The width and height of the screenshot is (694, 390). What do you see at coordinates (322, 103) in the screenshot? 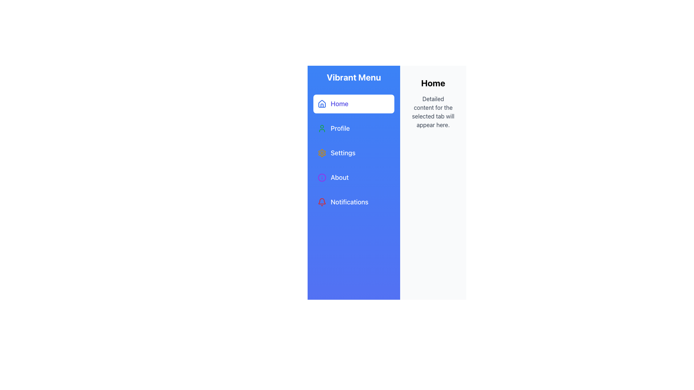
I see `the blue house icon in the navigation bar` at bounding box center [322, 103].